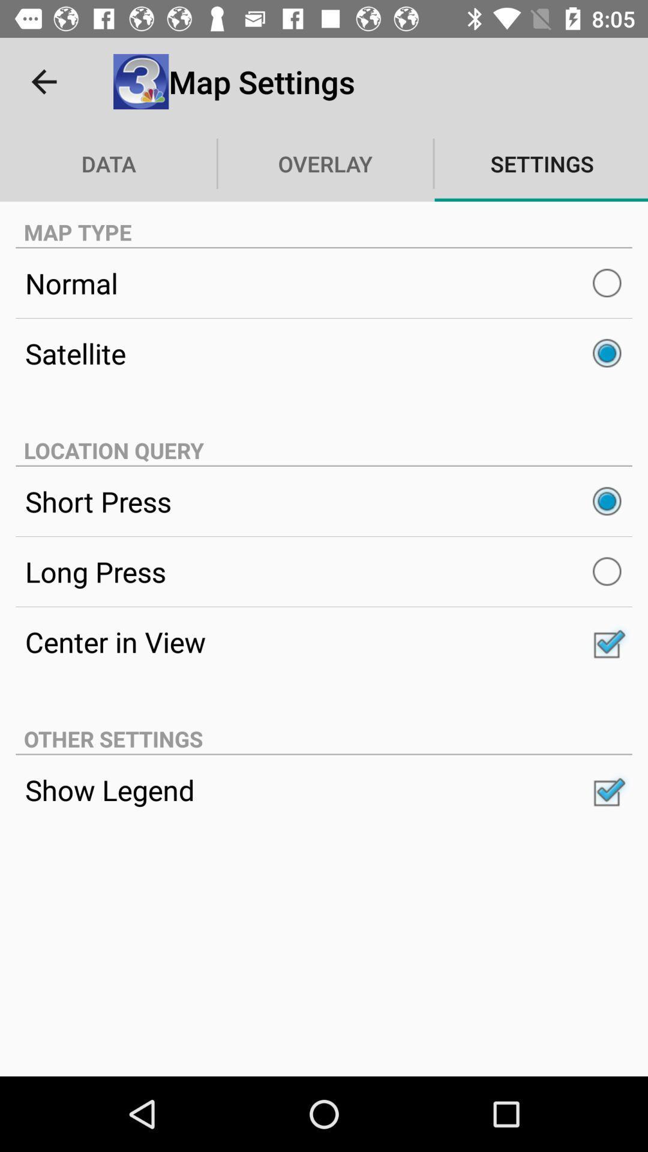  What do you see at coordinates (324, 790) in the screenshot?
I see `show legend item` at bounding box center [324, 790].